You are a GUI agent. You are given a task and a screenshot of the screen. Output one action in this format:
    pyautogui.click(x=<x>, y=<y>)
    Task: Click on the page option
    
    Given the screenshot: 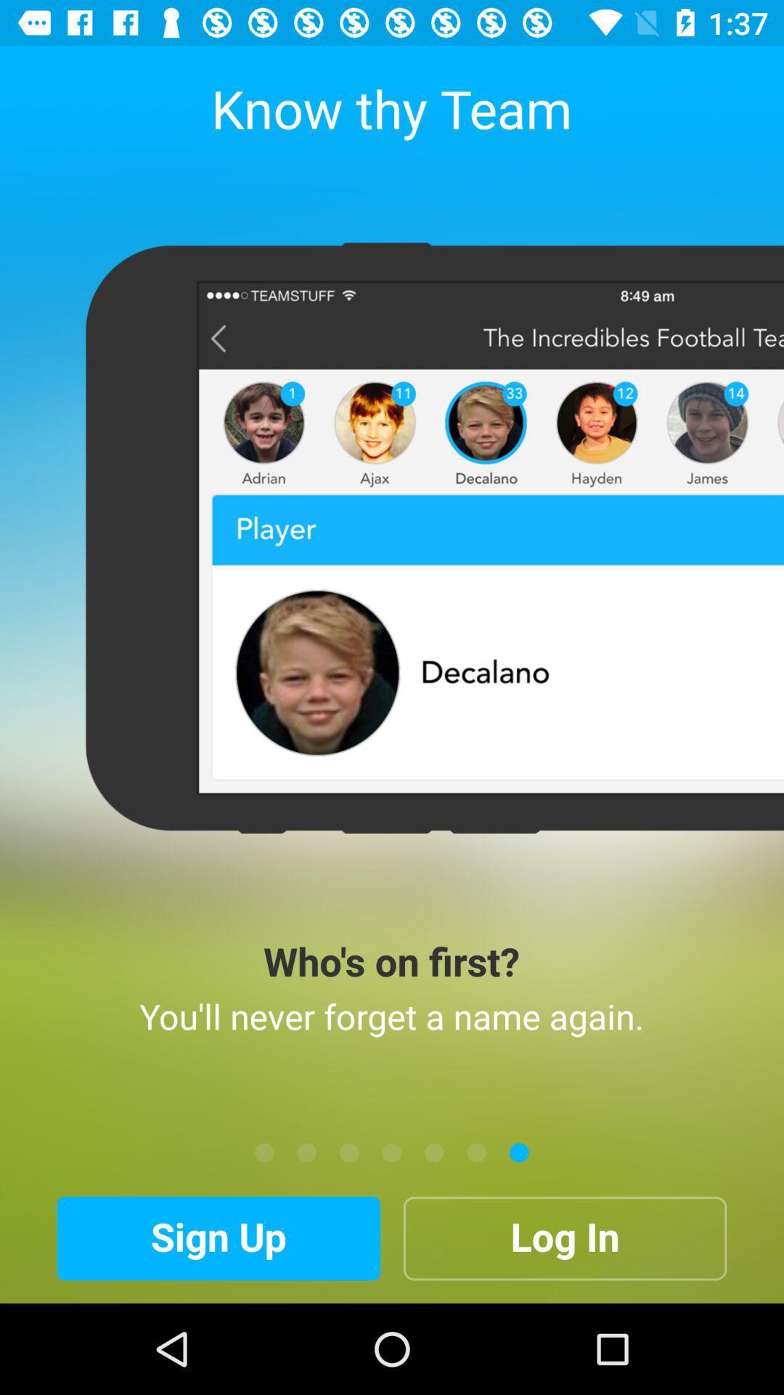 What is the action you would take?
    pyautogui.click(x=392, y=1152)
    